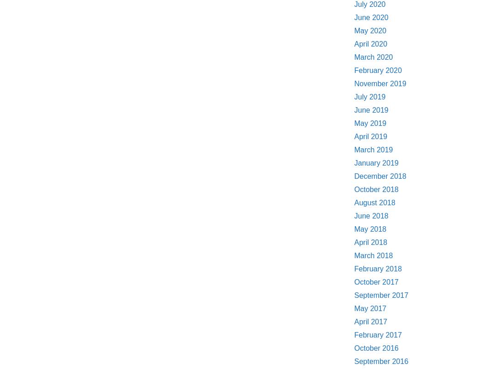 This screenshot has width=480, height=369. What do you see at coordinates (370, 109) in the screenshot?
I see `'June 2019'` at bounding box center [370, 109].